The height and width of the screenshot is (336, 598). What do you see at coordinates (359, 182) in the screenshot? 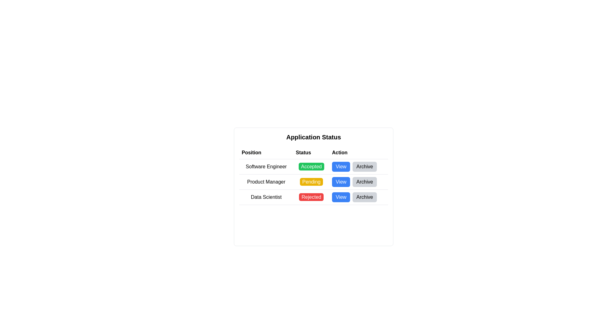
I see `the second button in the 'Action' column of the second row associated with the 'Product Manager' entry` at bounding box center [359, 182].